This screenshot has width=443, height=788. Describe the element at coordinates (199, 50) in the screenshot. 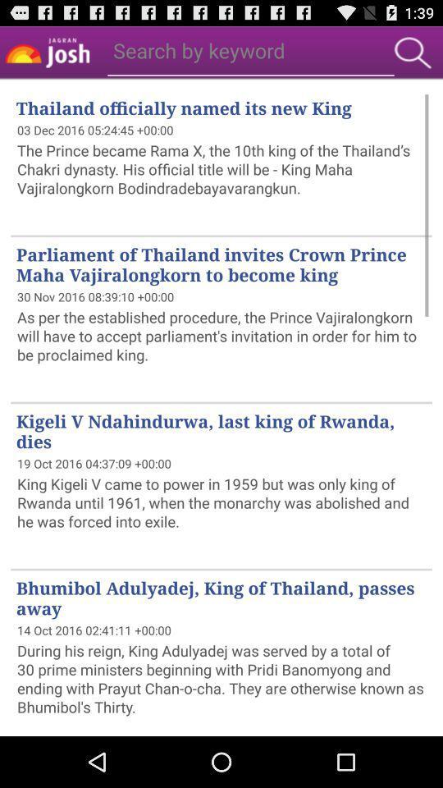

I see `search by keyword` at that location.